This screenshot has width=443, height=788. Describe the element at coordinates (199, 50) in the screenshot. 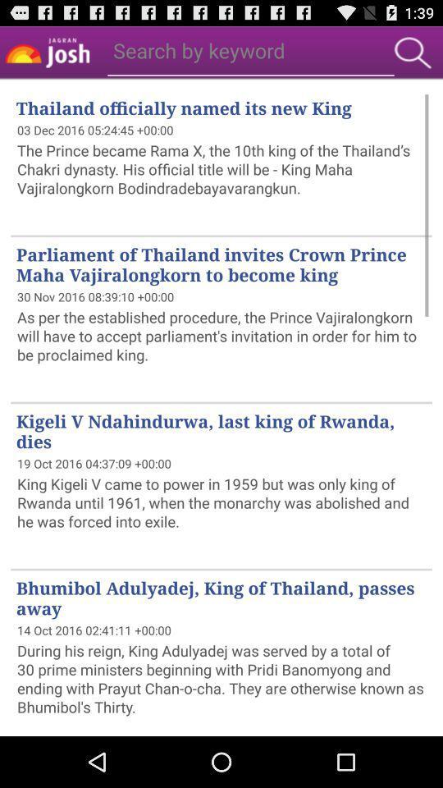

I see `search by keyword` at that location.